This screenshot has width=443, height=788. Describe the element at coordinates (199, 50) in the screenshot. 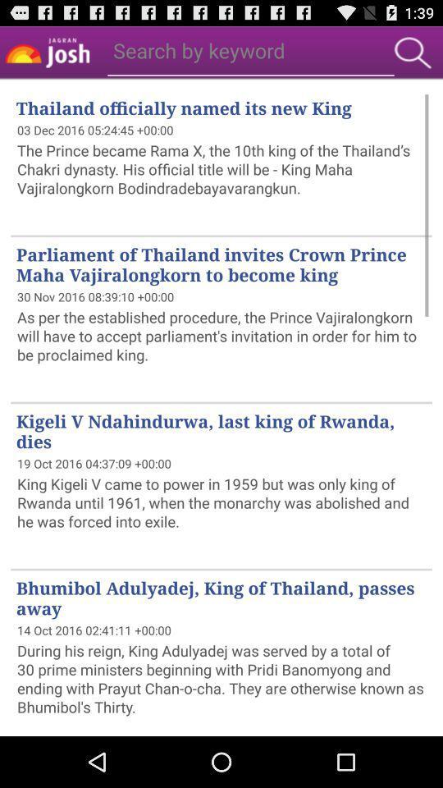

I see `search by keyword` at that location.